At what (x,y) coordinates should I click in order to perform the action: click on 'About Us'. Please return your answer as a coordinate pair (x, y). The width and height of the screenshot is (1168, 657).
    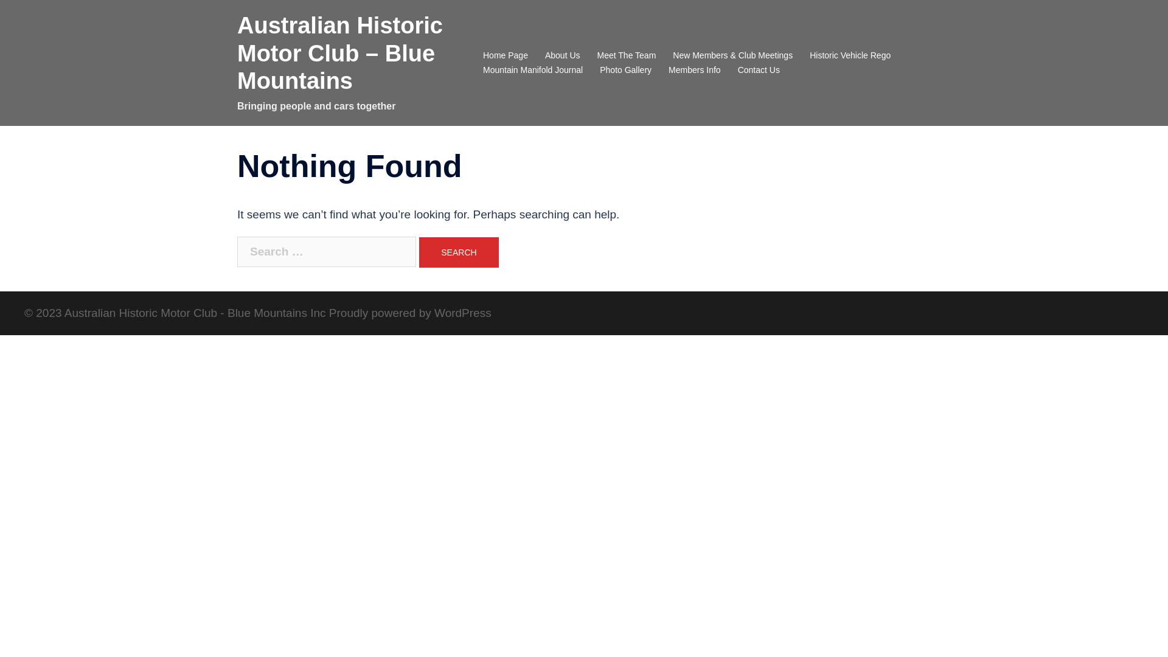
    Looking at the image, I should click on (544, 56).